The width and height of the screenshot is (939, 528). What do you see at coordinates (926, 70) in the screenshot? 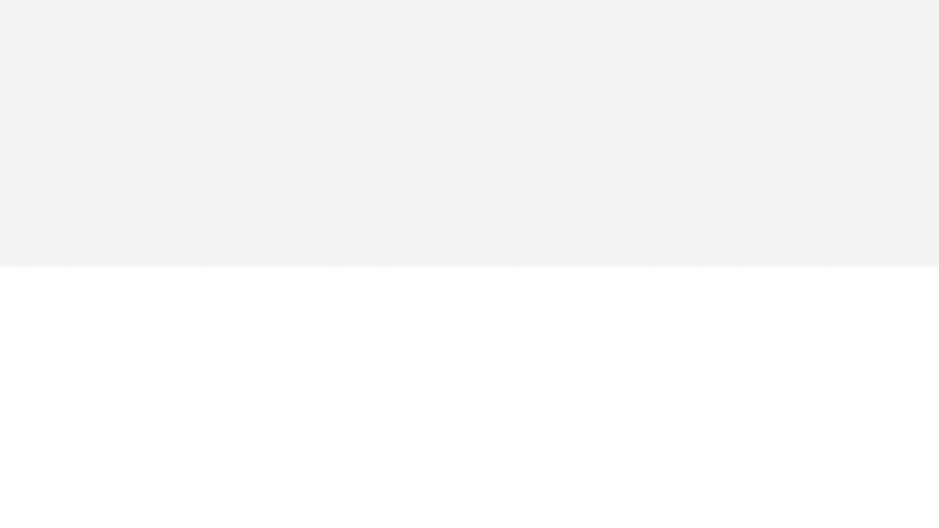
I see `Zoom in` at bounding box center [926, 70].